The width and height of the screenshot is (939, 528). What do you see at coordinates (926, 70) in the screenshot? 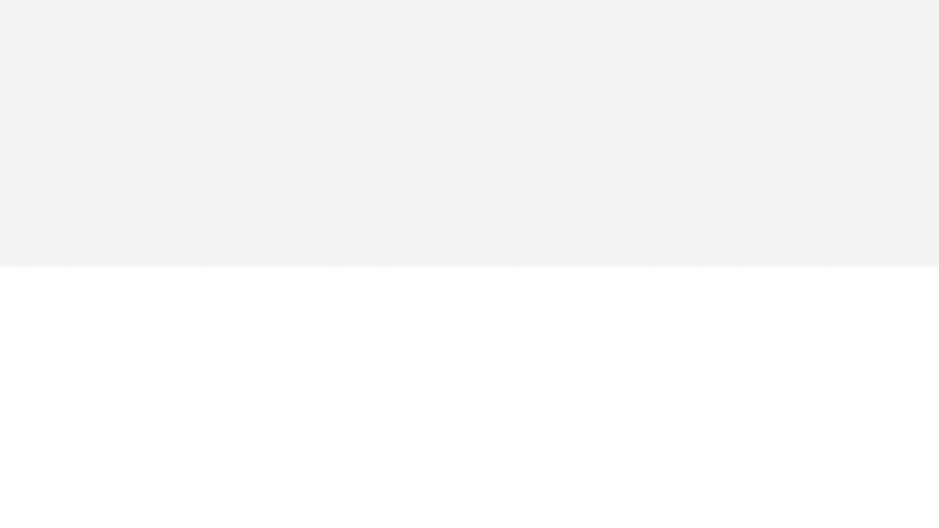
I see `Zoom in` at bounding box center [926, 70].